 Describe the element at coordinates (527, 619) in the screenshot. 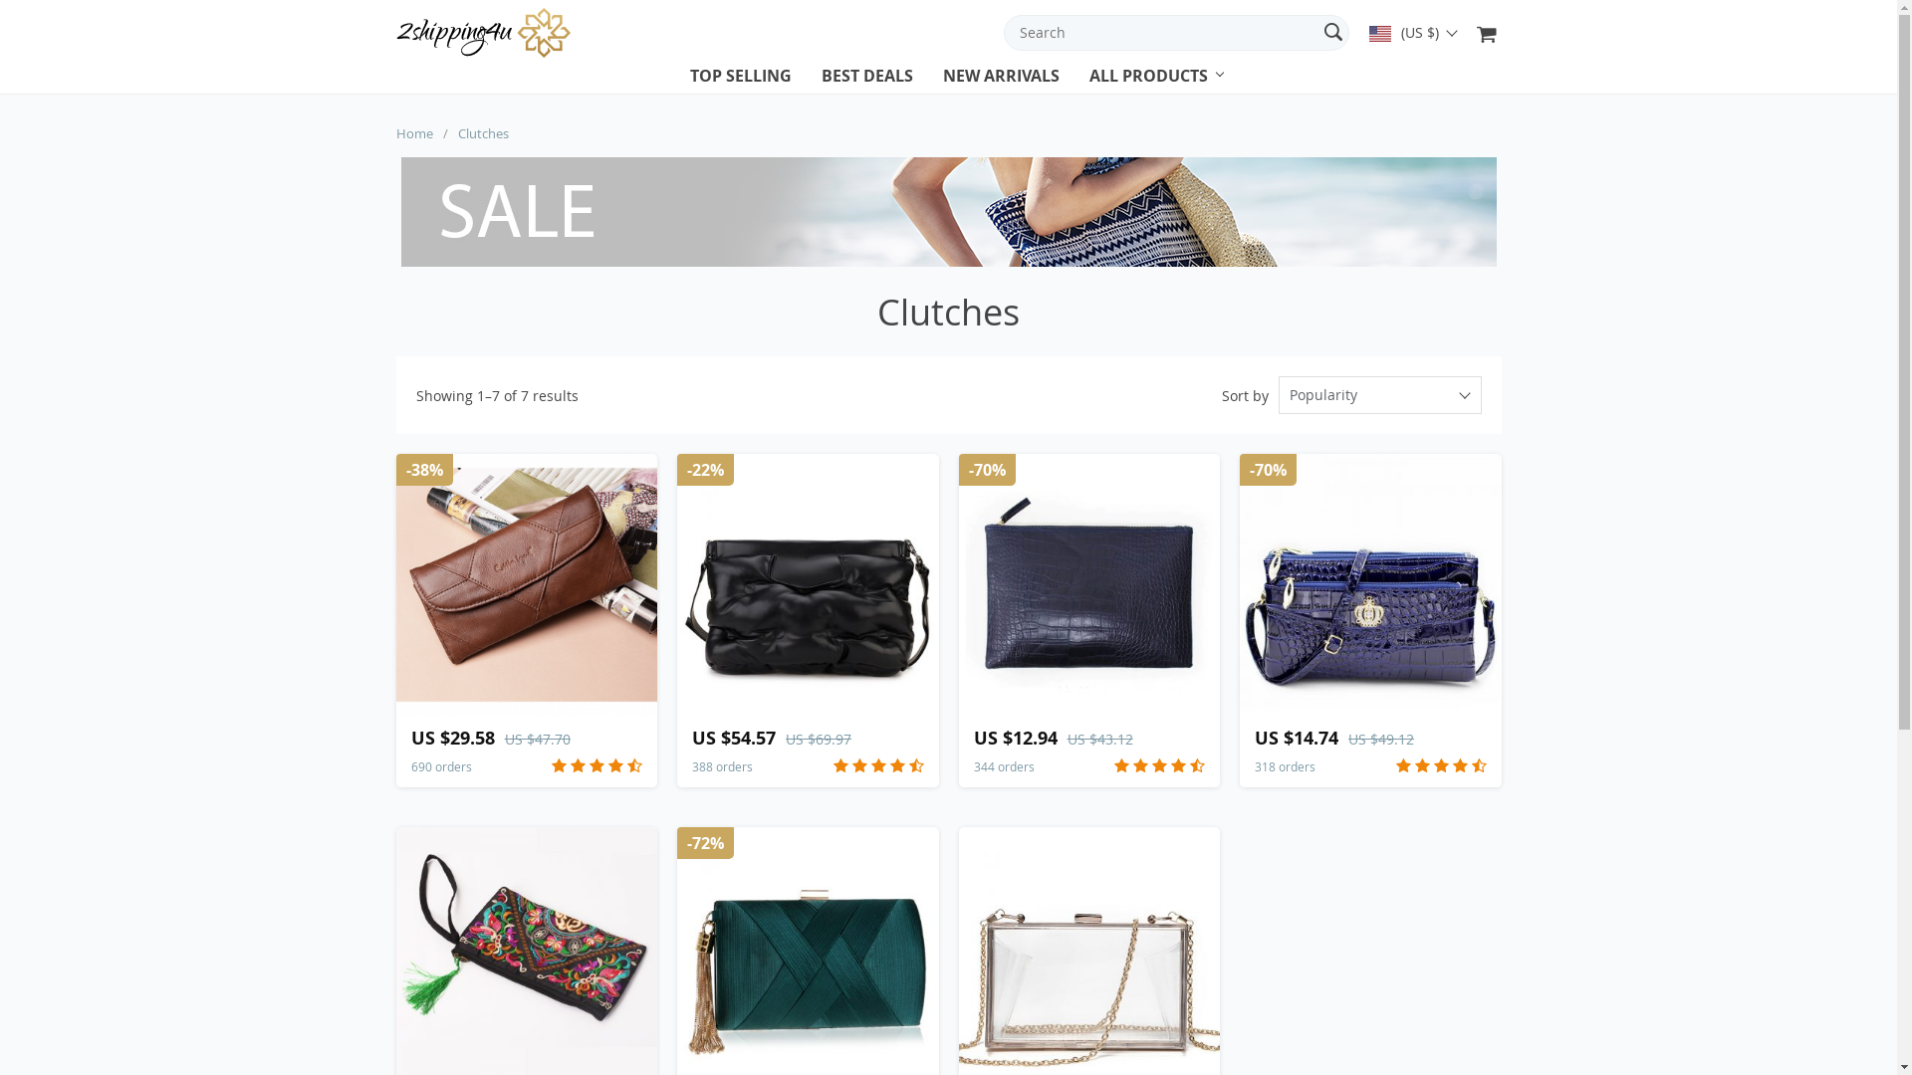

I see `'US $29.58` at that location.